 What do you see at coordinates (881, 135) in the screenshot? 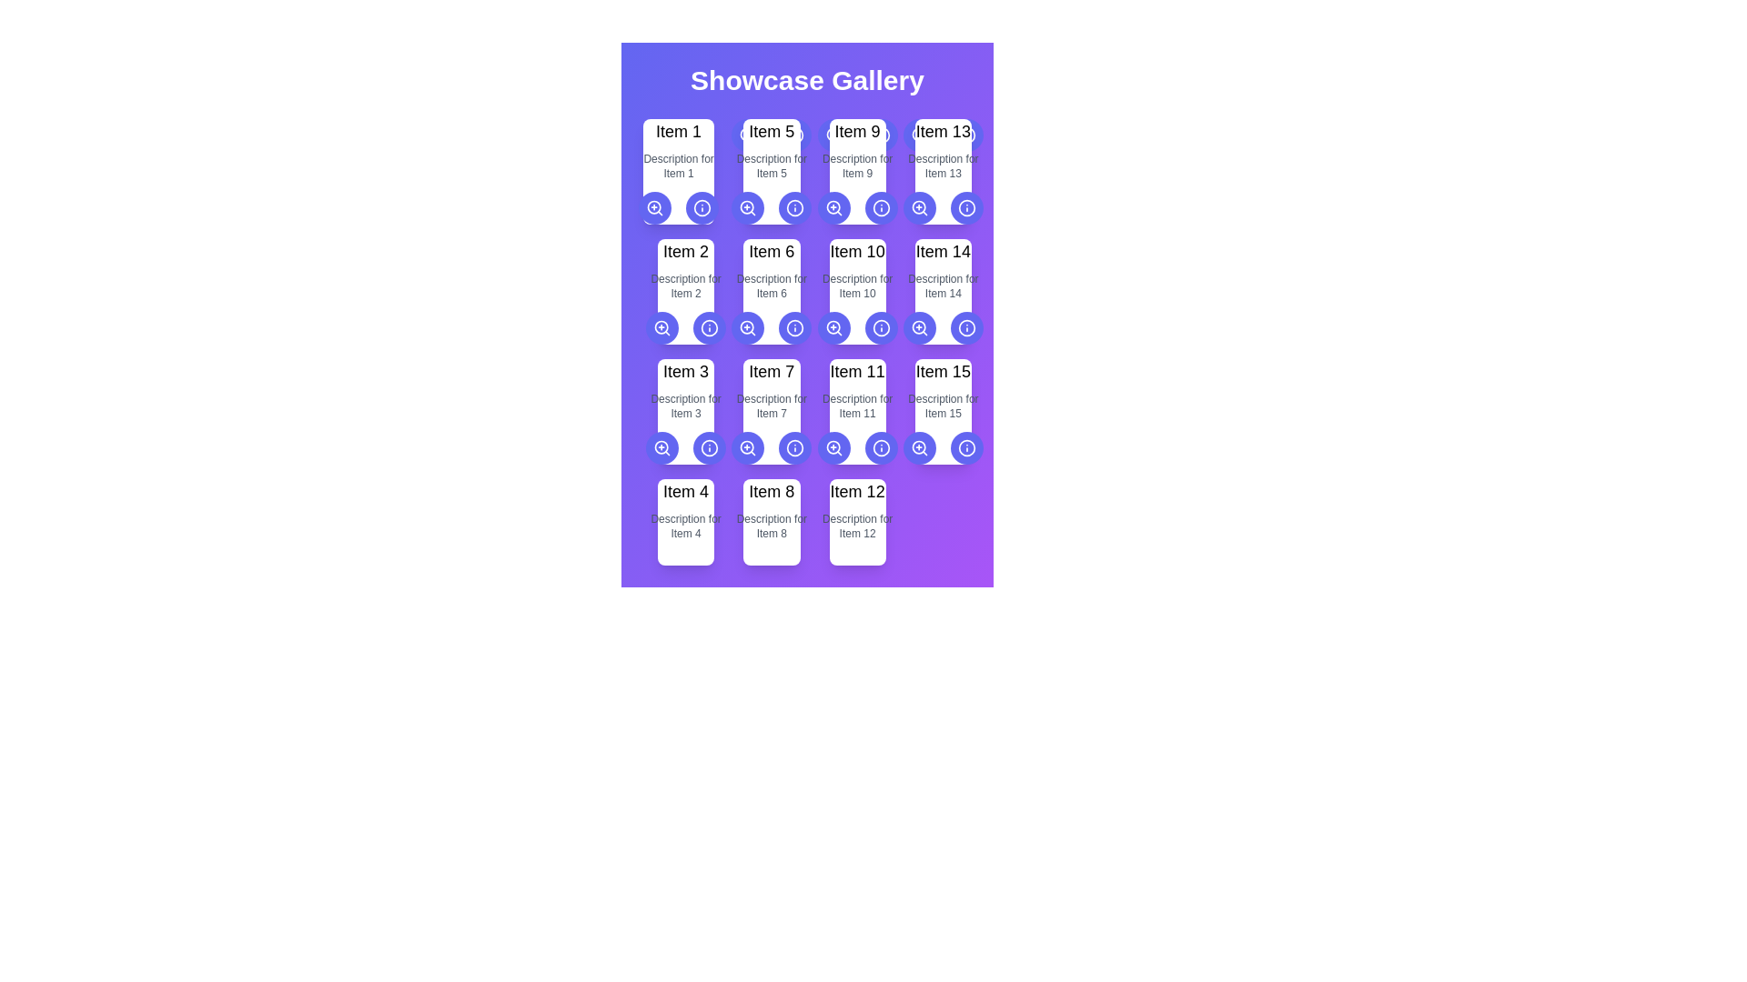
I see `the circular information icon containing the 'i' symbol located at the bottom-right corner of the card labeled 'Item 9'` at bounding box center [881, 135].